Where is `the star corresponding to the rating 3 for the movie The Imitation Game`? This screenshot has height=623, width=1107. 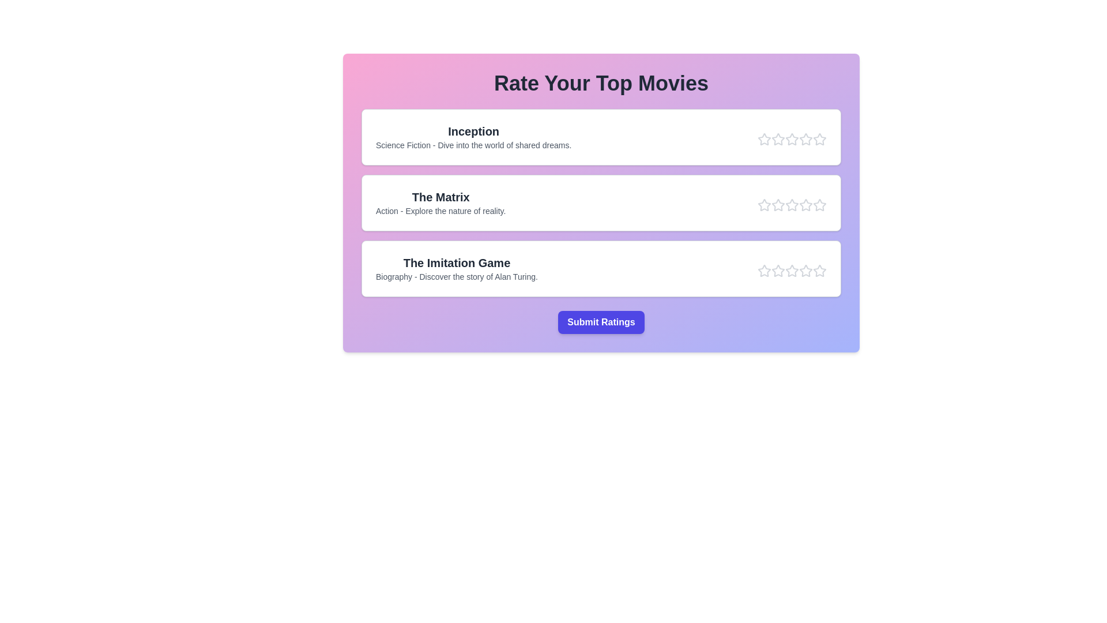 the star corresponding to the rating 3 for the movie The Imitation Game is located at coordinates (791, 271).